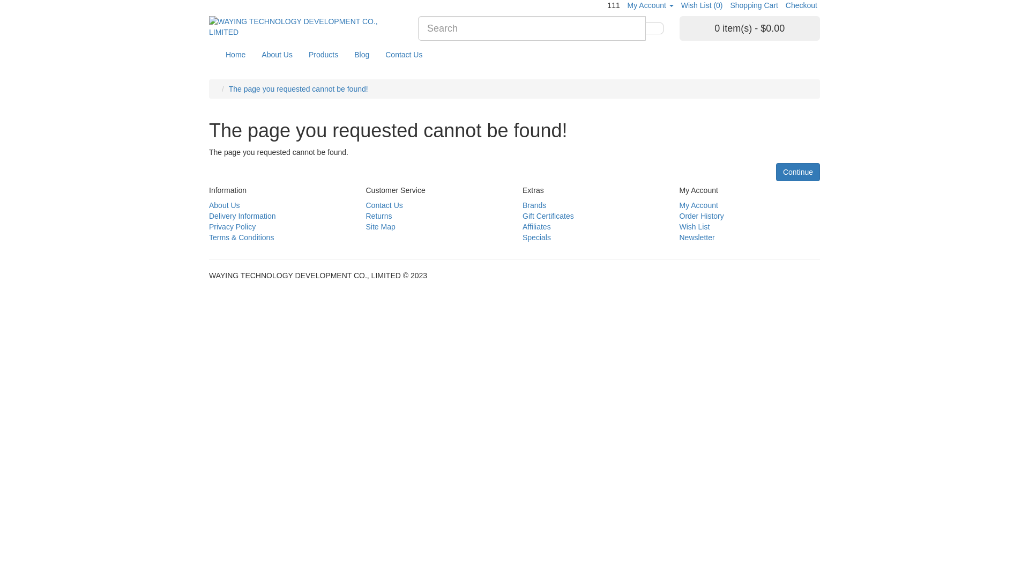 The image size is (1029, 579). Describe the element at coordinates (702, 5) in the screenshot. I see `'Wish List (0)'` at that location.